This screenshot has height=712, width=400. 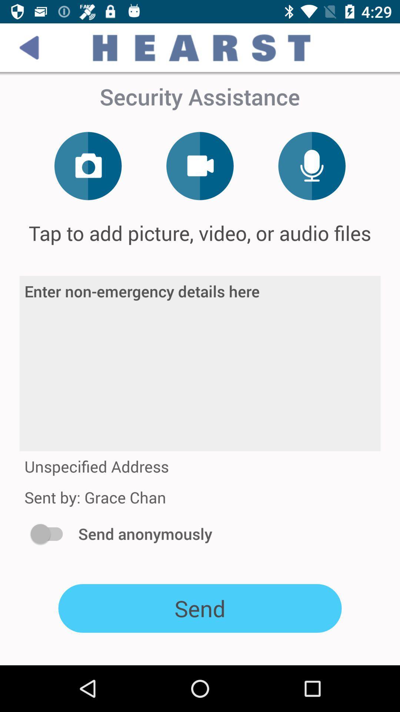 I want to click on icon at the center, so click(x=200, y=363).